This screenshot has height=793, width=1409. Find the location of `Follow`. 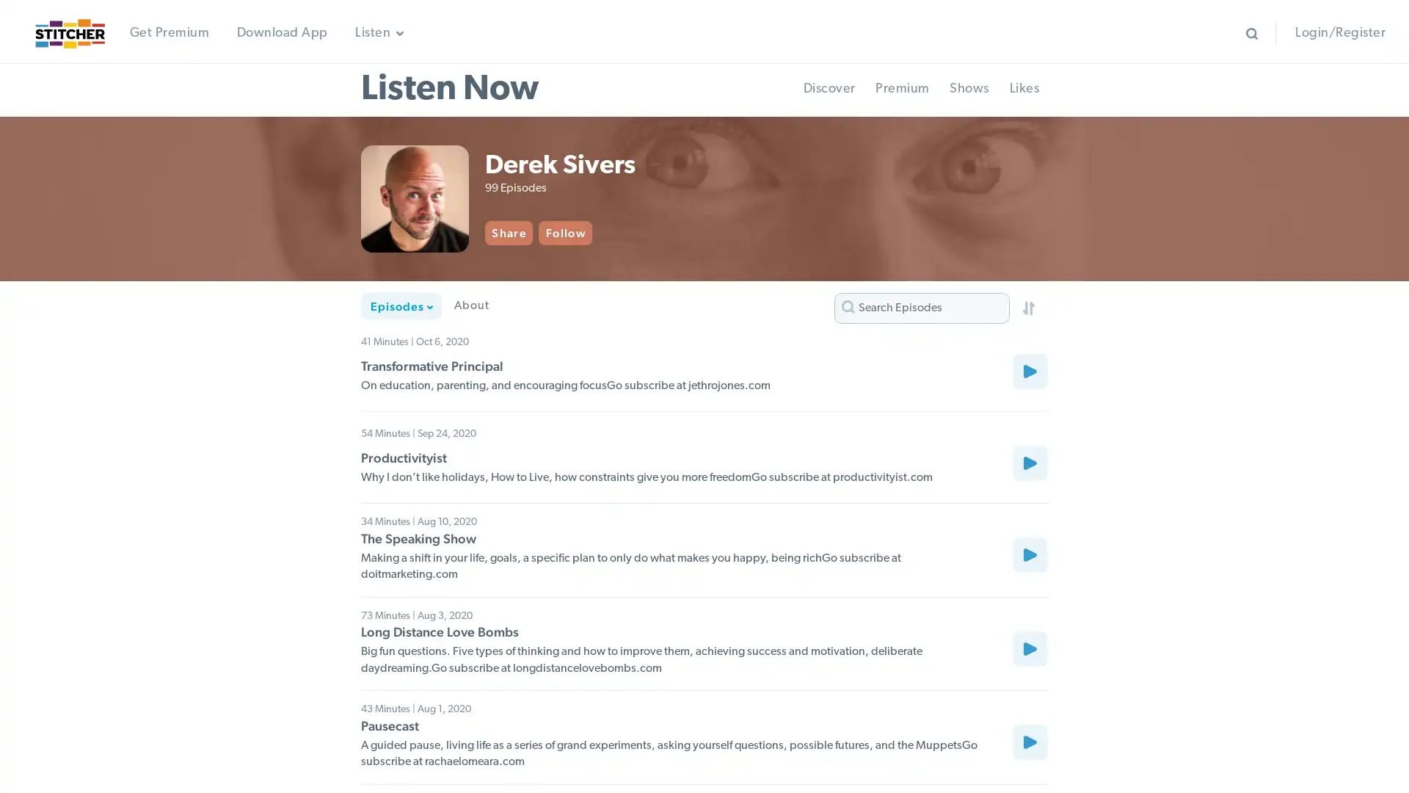

Follow is located at coordinates (586, 231).